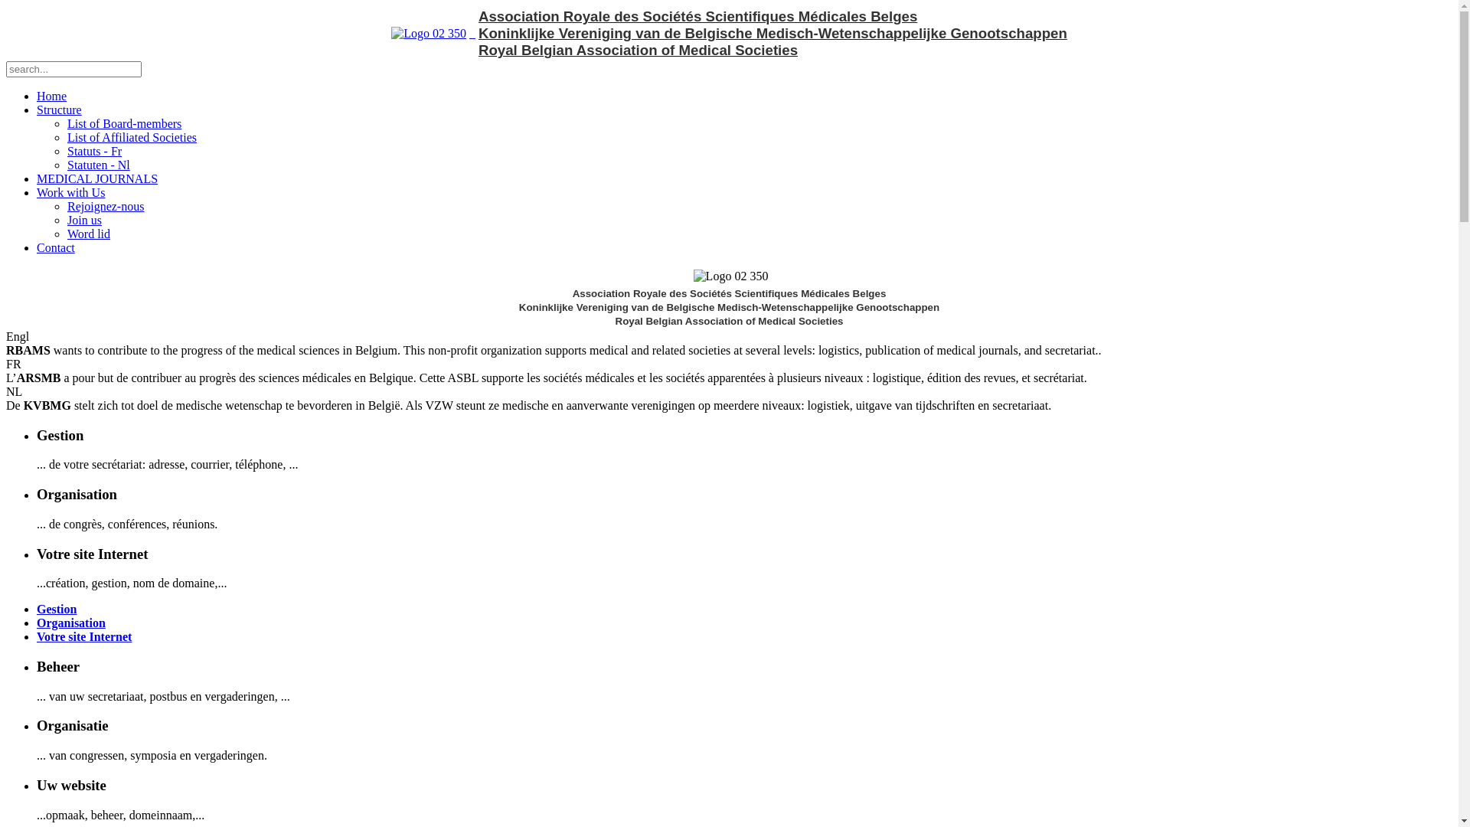  I want to click on 'Contact', so click(55, 247).